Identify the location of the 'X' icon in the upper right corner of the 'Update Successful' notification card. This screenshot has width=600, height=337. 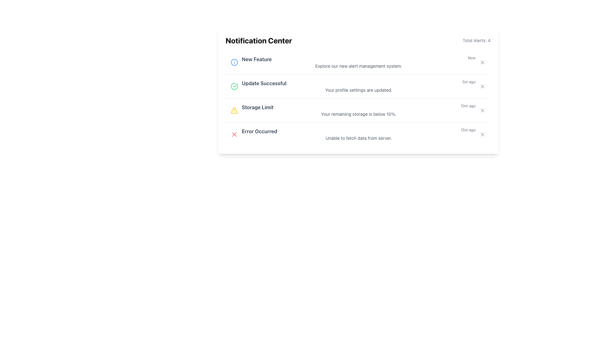
(482, 86).